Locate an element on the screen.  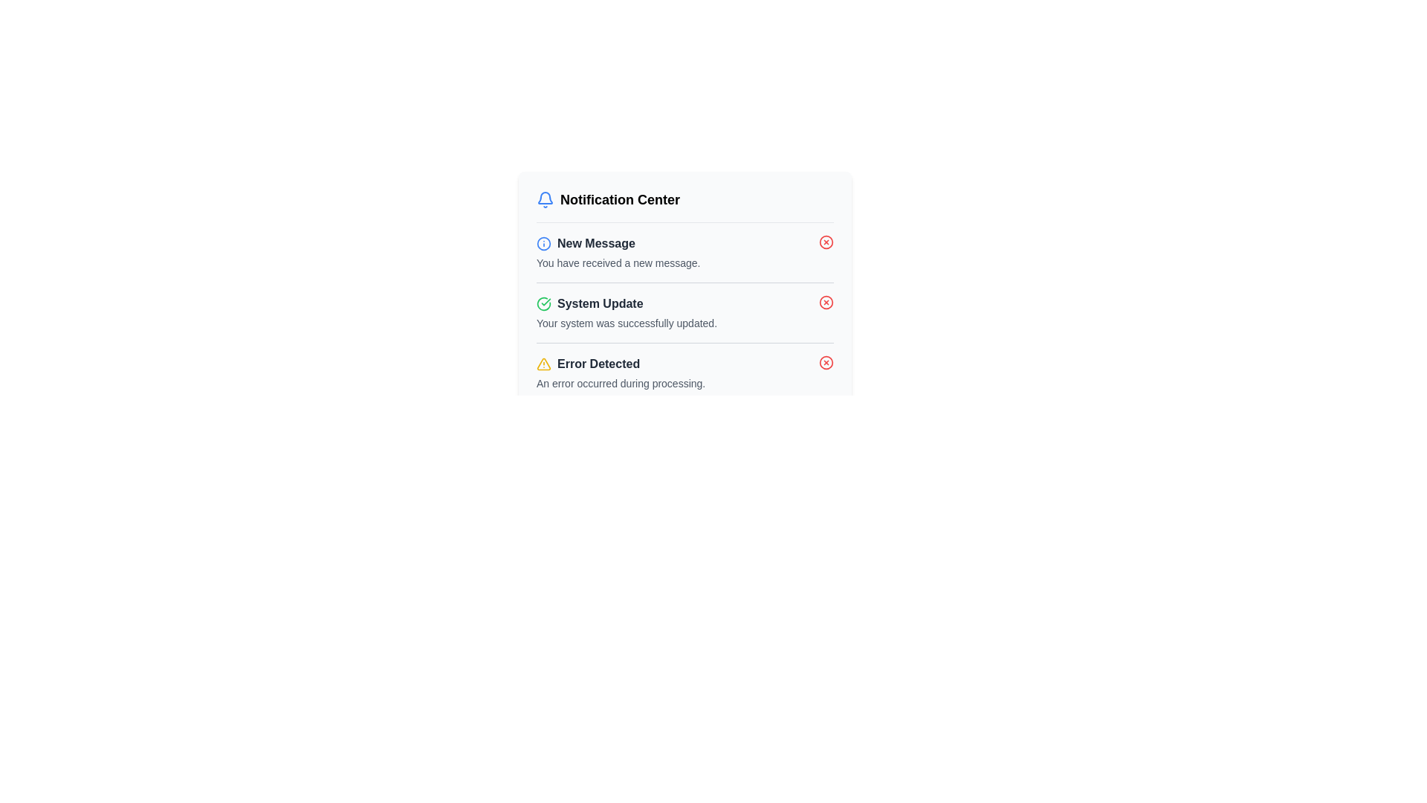
the circular SVG graphic with a red border and a white 'x' symbol, which indicates an error in the 'Error Detected' notification row is located at coordinates (826, 363).